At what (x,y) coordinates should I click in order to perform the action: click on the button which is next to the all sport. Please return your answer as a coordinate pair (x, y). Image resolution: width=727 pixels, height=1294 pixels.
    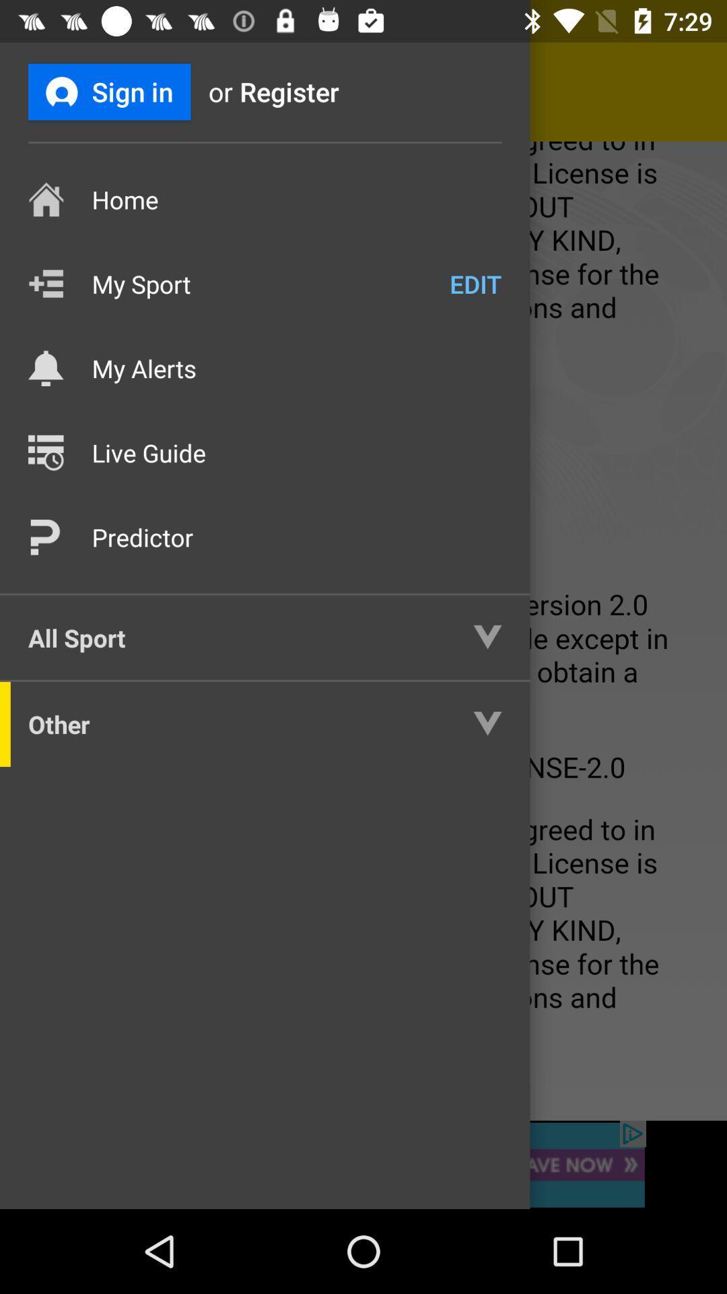
    Looking at the image, I should click on (473, 637).